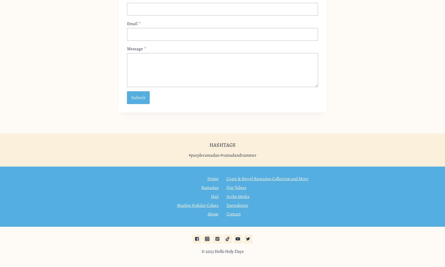  What do you see at coordinates (222, 144) in the screenshot?
I see `'Hashtags'` at bounding box center [222, 144].